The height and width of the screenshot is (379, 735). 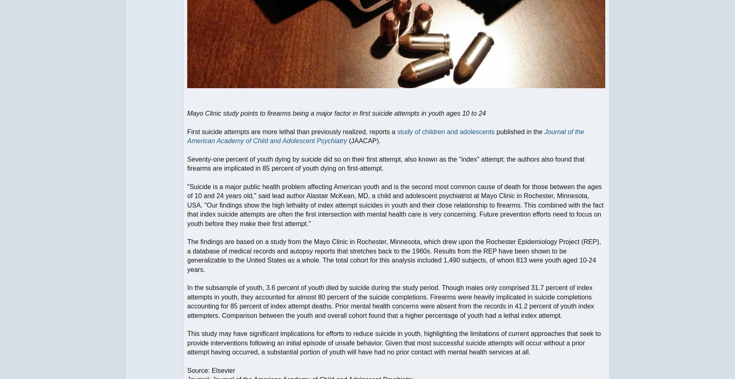 What do you see at coordinates (390, 301) in the screenshot?
I see `'In the subsample of youth, 3.6 percent of youth died by suicide during the study period. Though males only comprised 31.7 percent of index attempts in youth, they accounted for almost 80 percent of the suicide completions. Firearms were heavily implicated in suicide completions accounting for 85 percent of index attempt deaths. Prior mental health concerns were absent from the records in 41.2 percent of youth index attempters. Comparison between the youth and overall cohort found that a higher percentage of youth had a lethal index attempt.'` at bounding box center [390, 301].